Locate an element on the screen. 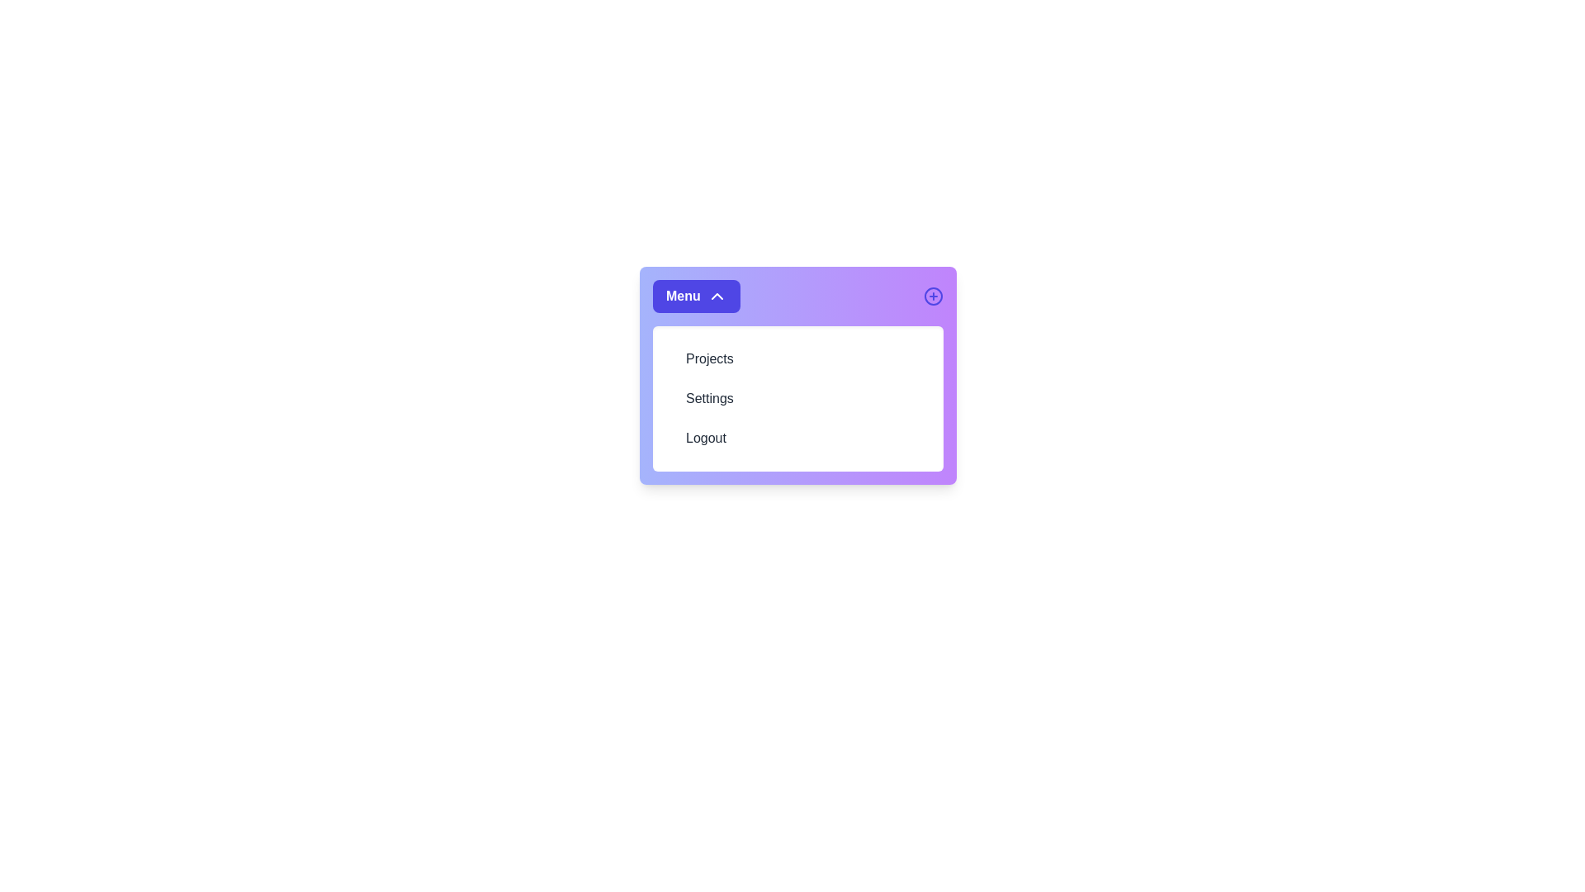  the menu item Projects from the menu is located at coordinates (797, 358).